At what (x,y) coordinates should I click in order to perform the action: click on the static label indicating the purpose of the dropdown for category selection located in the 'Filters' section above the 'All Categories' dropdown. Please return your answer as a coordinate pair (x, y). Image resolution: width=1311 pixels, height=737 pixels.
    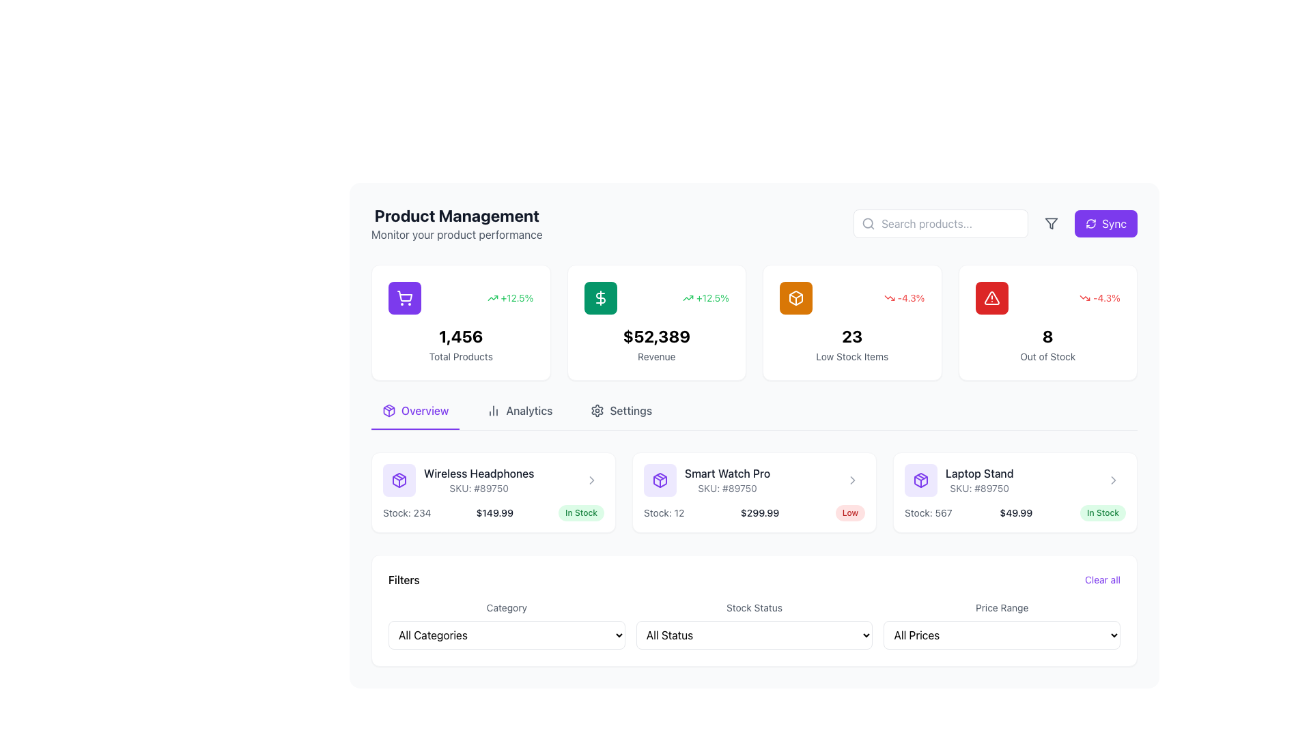
    Looking at the image, I should click on (506, 607).